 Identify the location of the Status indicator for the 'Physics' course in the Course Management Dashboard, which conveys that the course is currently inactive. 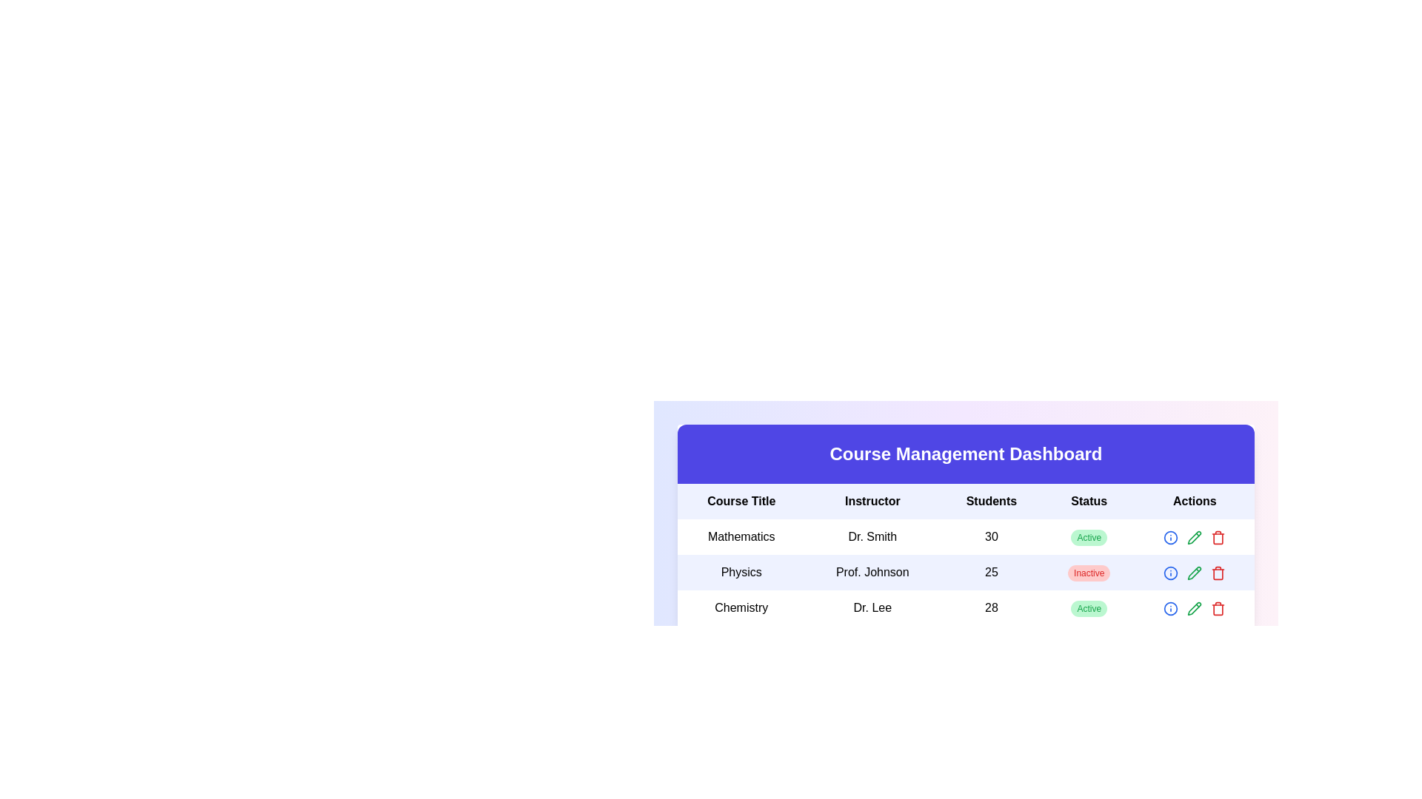
(1089, 572).